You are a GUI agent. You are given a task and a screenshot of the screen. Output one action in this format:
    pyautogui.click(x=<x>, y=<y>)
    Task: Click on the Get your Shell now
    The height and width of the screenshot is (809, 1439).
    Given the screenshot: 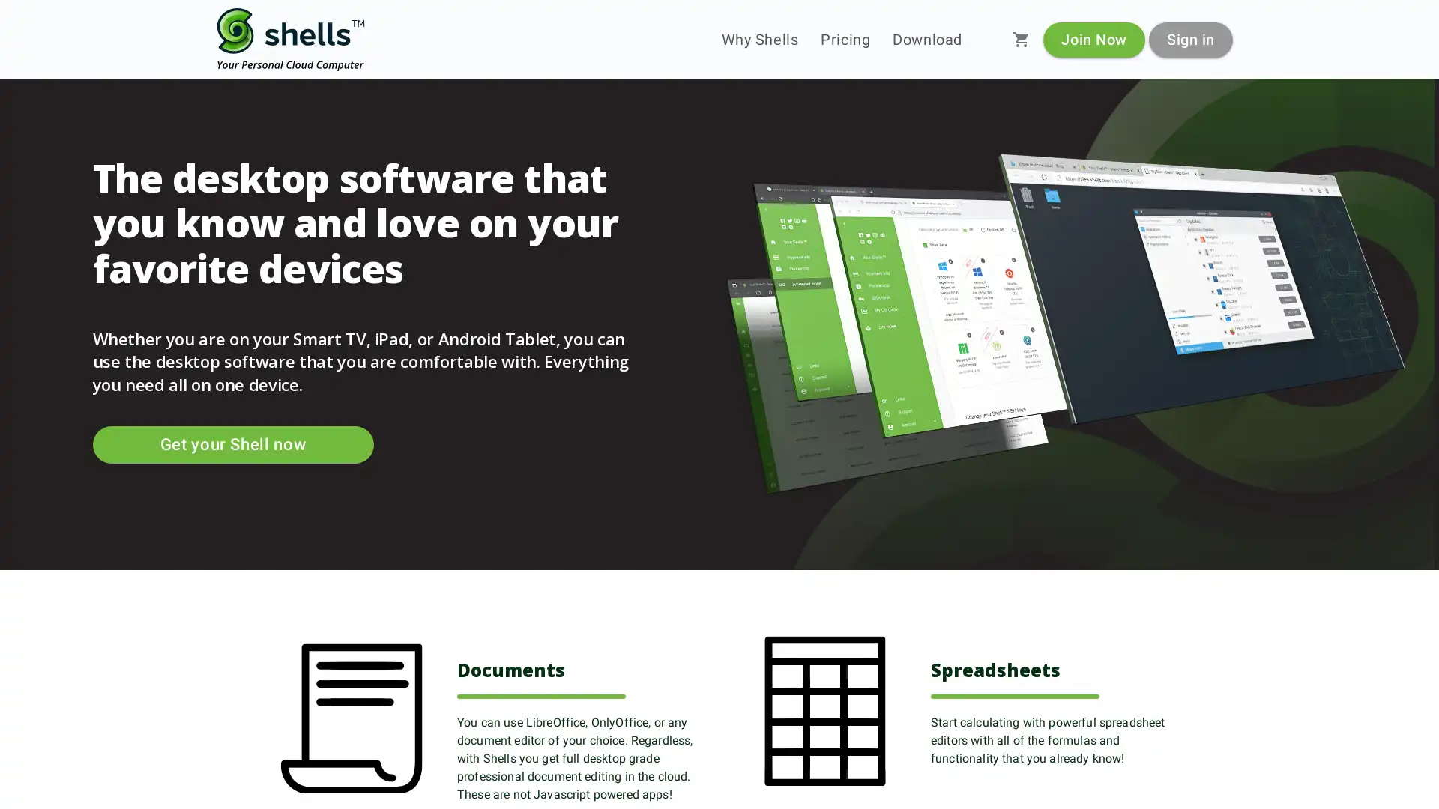 What is the action you would take?
    pyautogui.click(x=232, y=443)
    